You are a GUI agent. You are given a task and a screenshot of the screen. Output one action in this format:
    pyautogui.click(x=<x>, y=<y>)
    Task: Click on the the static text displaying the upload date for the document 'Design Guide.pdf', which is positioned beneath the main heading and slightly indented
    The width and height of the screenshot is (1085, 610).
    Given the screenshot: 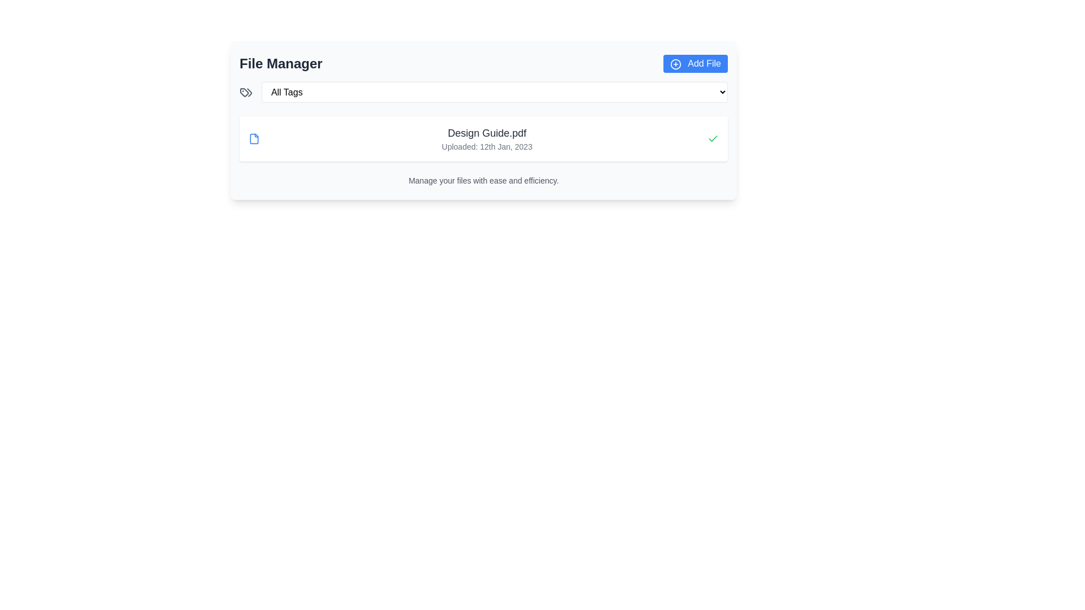 What is the action you would take?
    pyautogui.click(x=487, y=146)
    